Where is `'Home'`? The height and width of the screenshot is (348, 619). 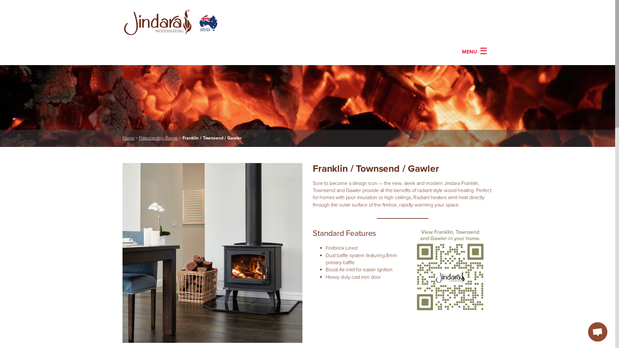
'Home' is located at coordinates (128, 138).